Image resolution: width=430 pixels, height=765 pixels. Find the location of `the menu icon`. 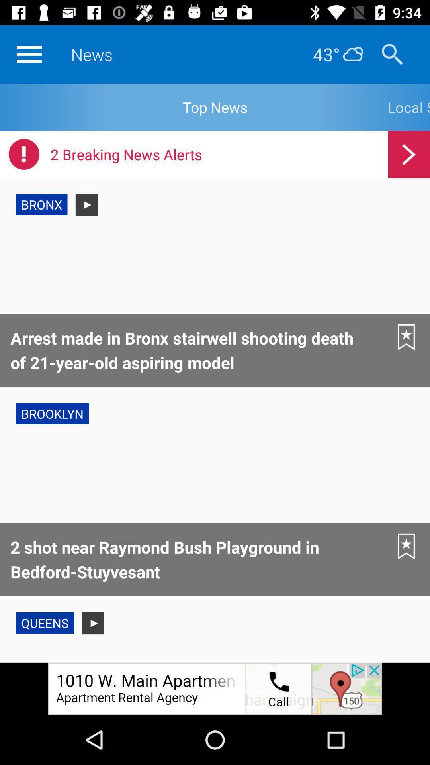

the menu icon is located at coordinates (29, 54).